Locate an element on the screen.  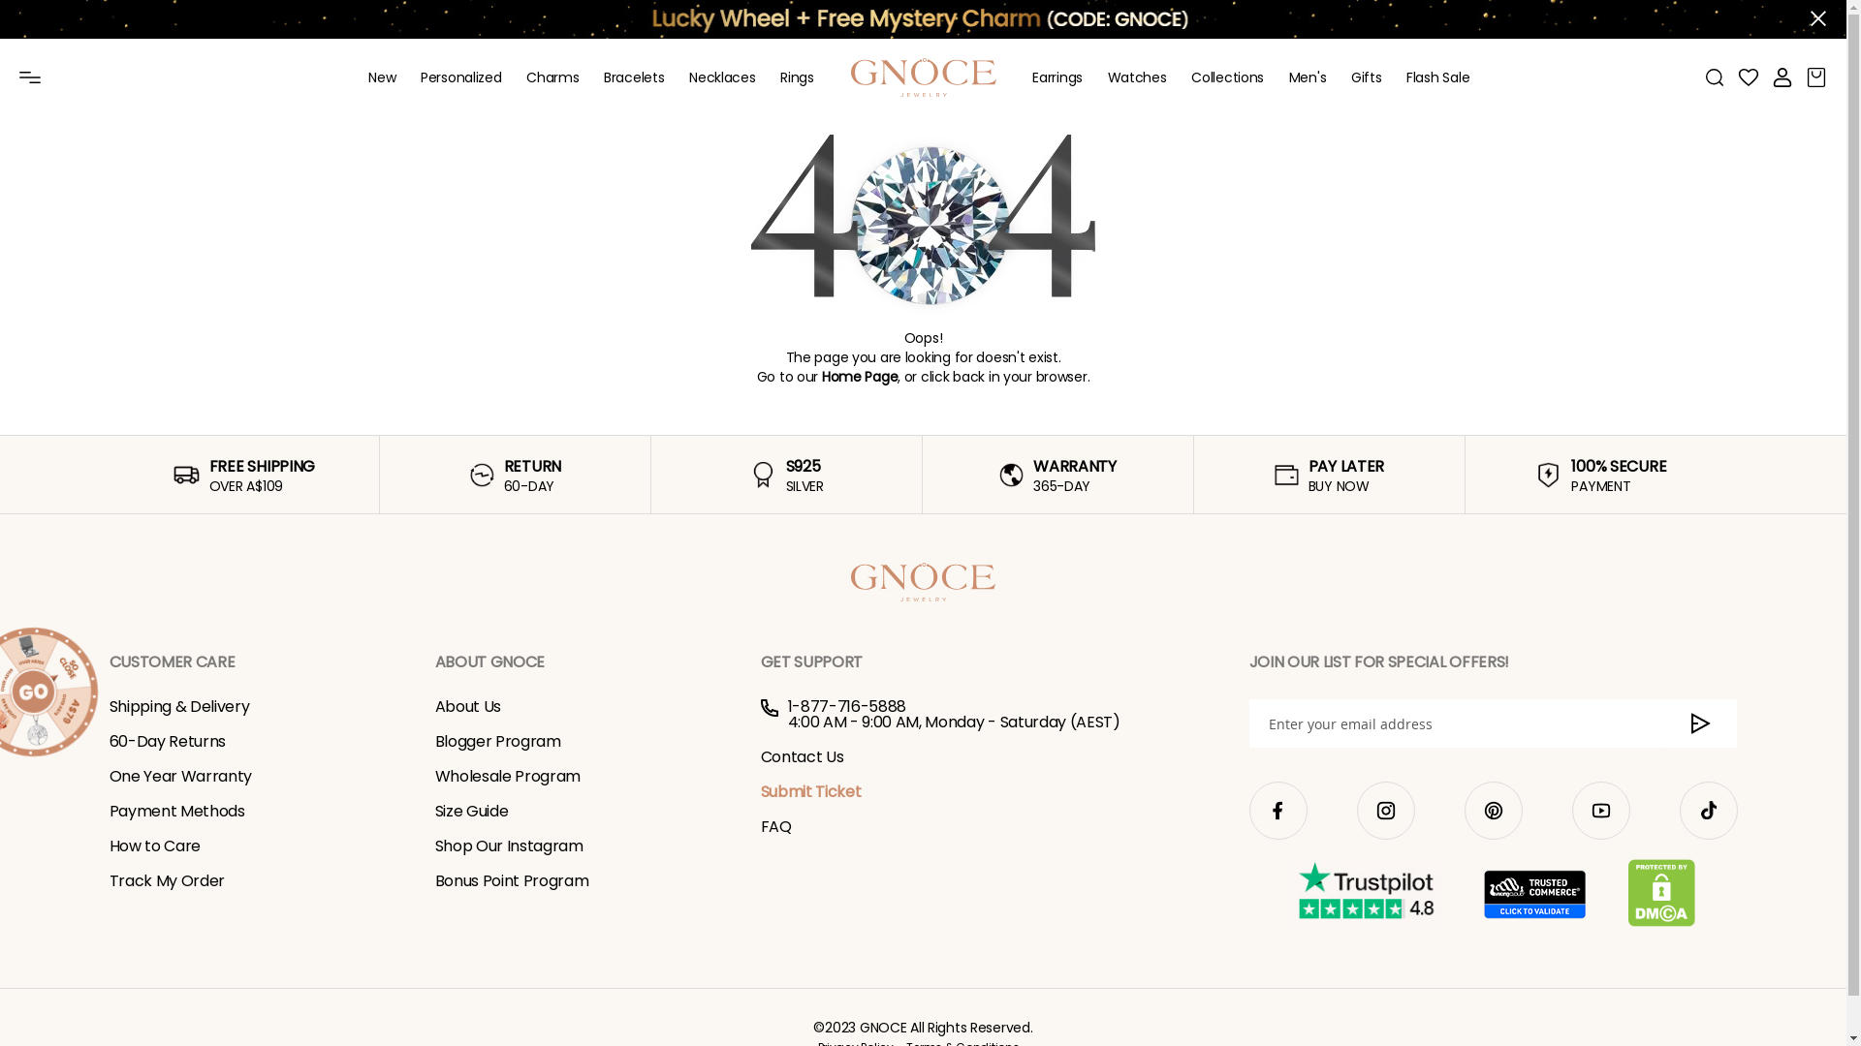
'Submit Ticket' is located at coordinates (809, 791).